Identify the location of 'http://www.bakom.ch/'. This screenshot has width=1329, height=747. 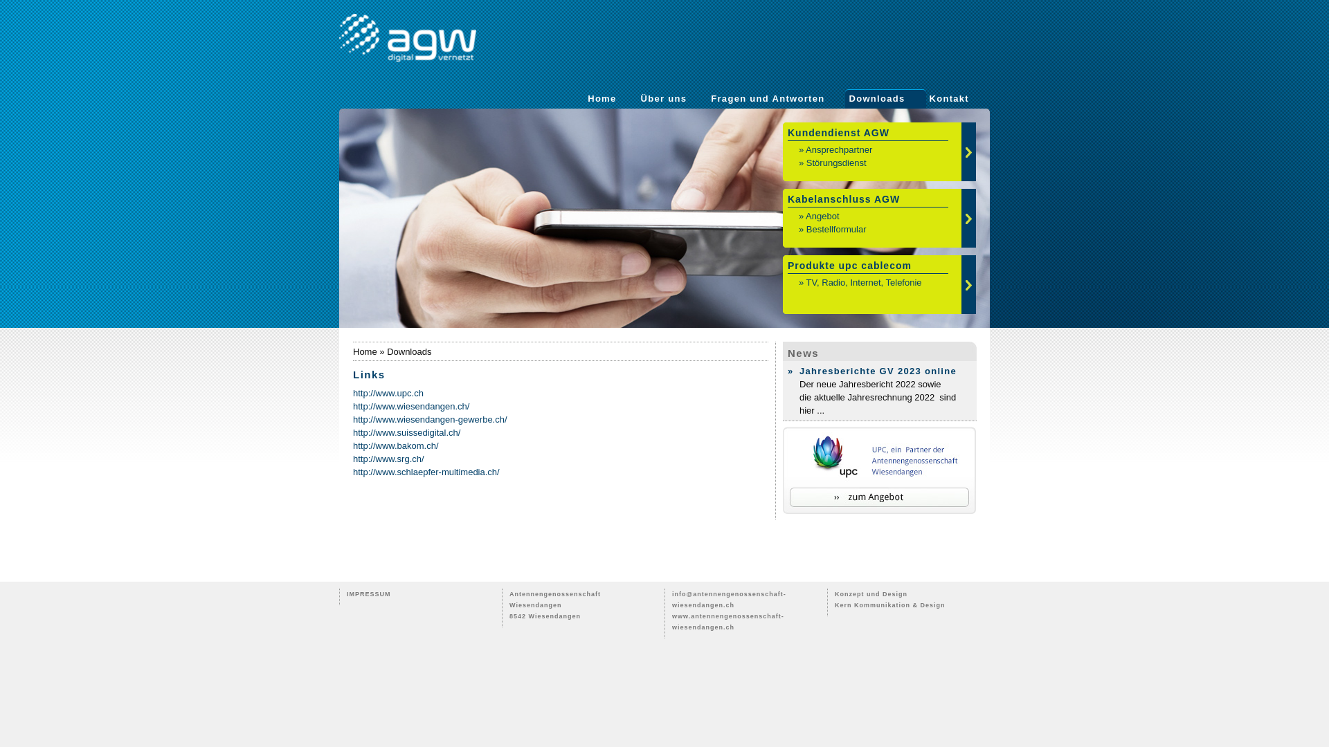
(395, 445).